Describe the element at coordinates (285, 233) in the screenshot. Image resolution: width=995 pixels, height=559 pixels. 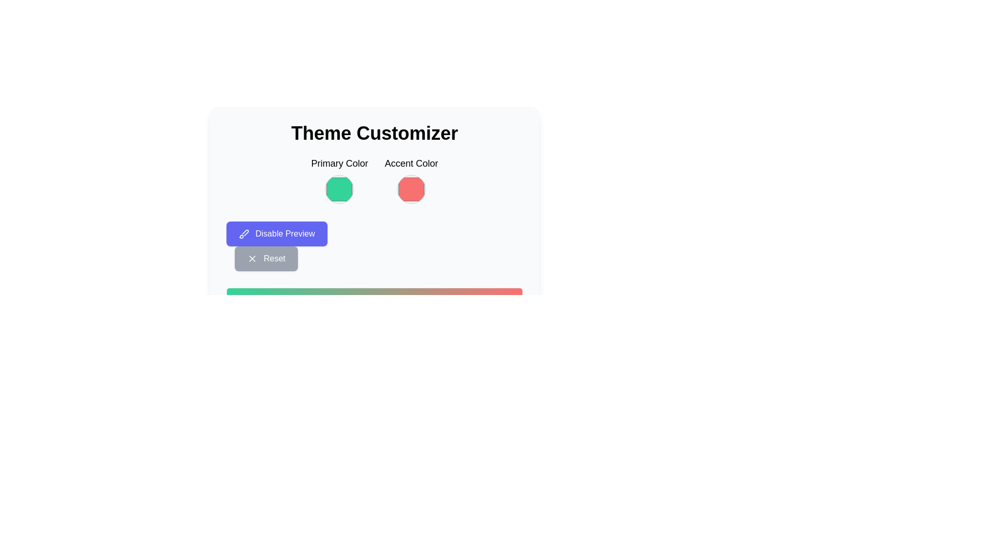
I see `the text 'Disable Preview' which is displayed in white font on a purple button, located below the 'Primary Color' and 'Accent Color' selectors` at that location.